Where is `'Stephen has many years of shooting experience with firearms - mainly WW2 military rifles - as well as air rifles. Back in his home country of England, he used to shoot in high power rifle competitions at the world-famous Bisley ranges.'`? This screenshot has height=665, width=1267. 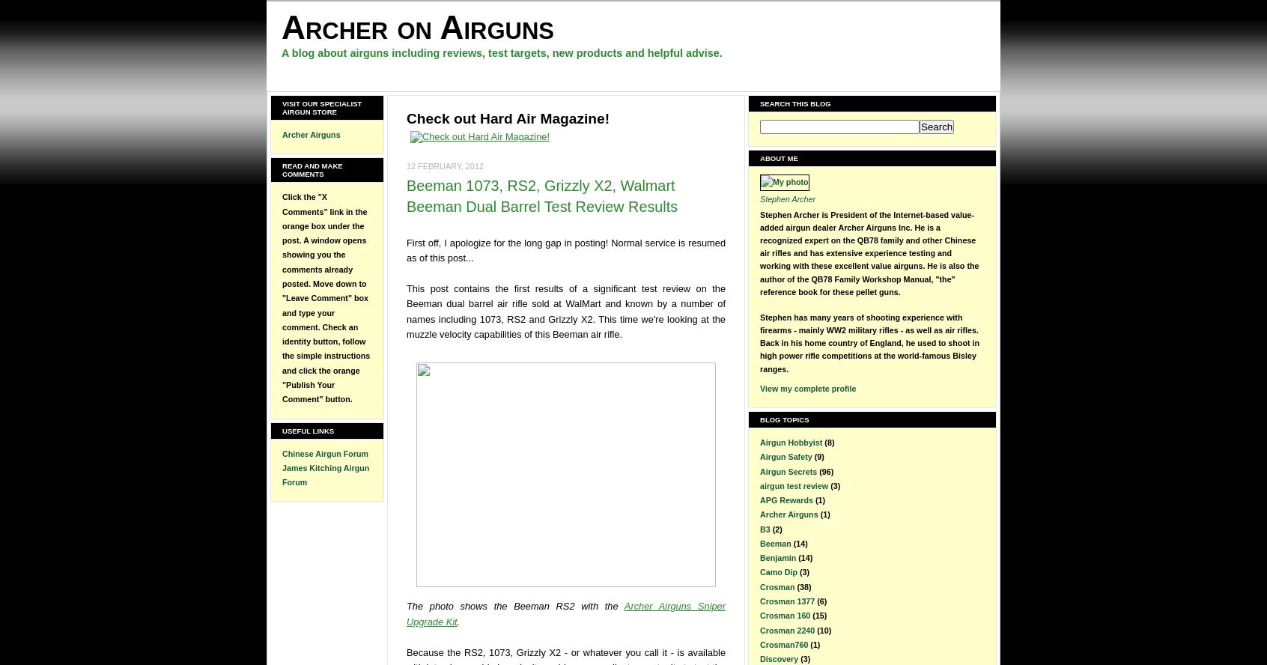 'Stephen has many years of shooting experience with firearms - mainly WW2 military rifles - as well as air rifles. Back in his home country of England, he used to shoot in high power rifle competitions at the world-famous Bisley ranges.' is located at coordinates (869, 342).